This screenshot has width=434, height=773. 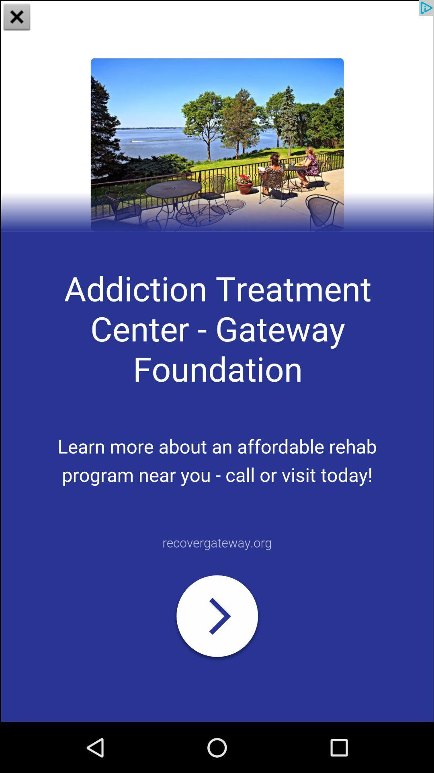 I want to click on the close icon, so click(x=17, y=18).